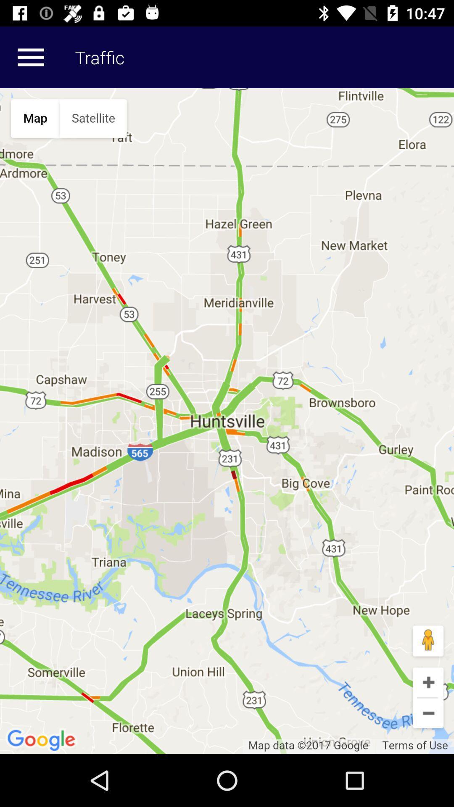 The image size is (454, 807). Describe the element at coordinates (30, 57) in the screenshot. I see `menu button` at that location.